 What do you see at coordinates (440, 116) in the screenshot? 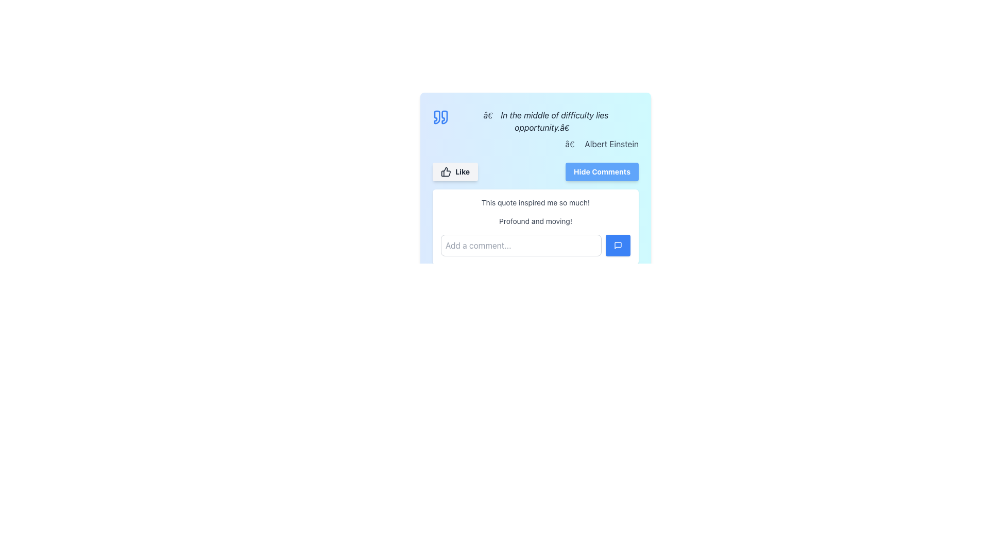
I see `the decorative quotation icon located to the immediate left of the quotation text in the top-left corner of the box` at bounding box center [440, 116].